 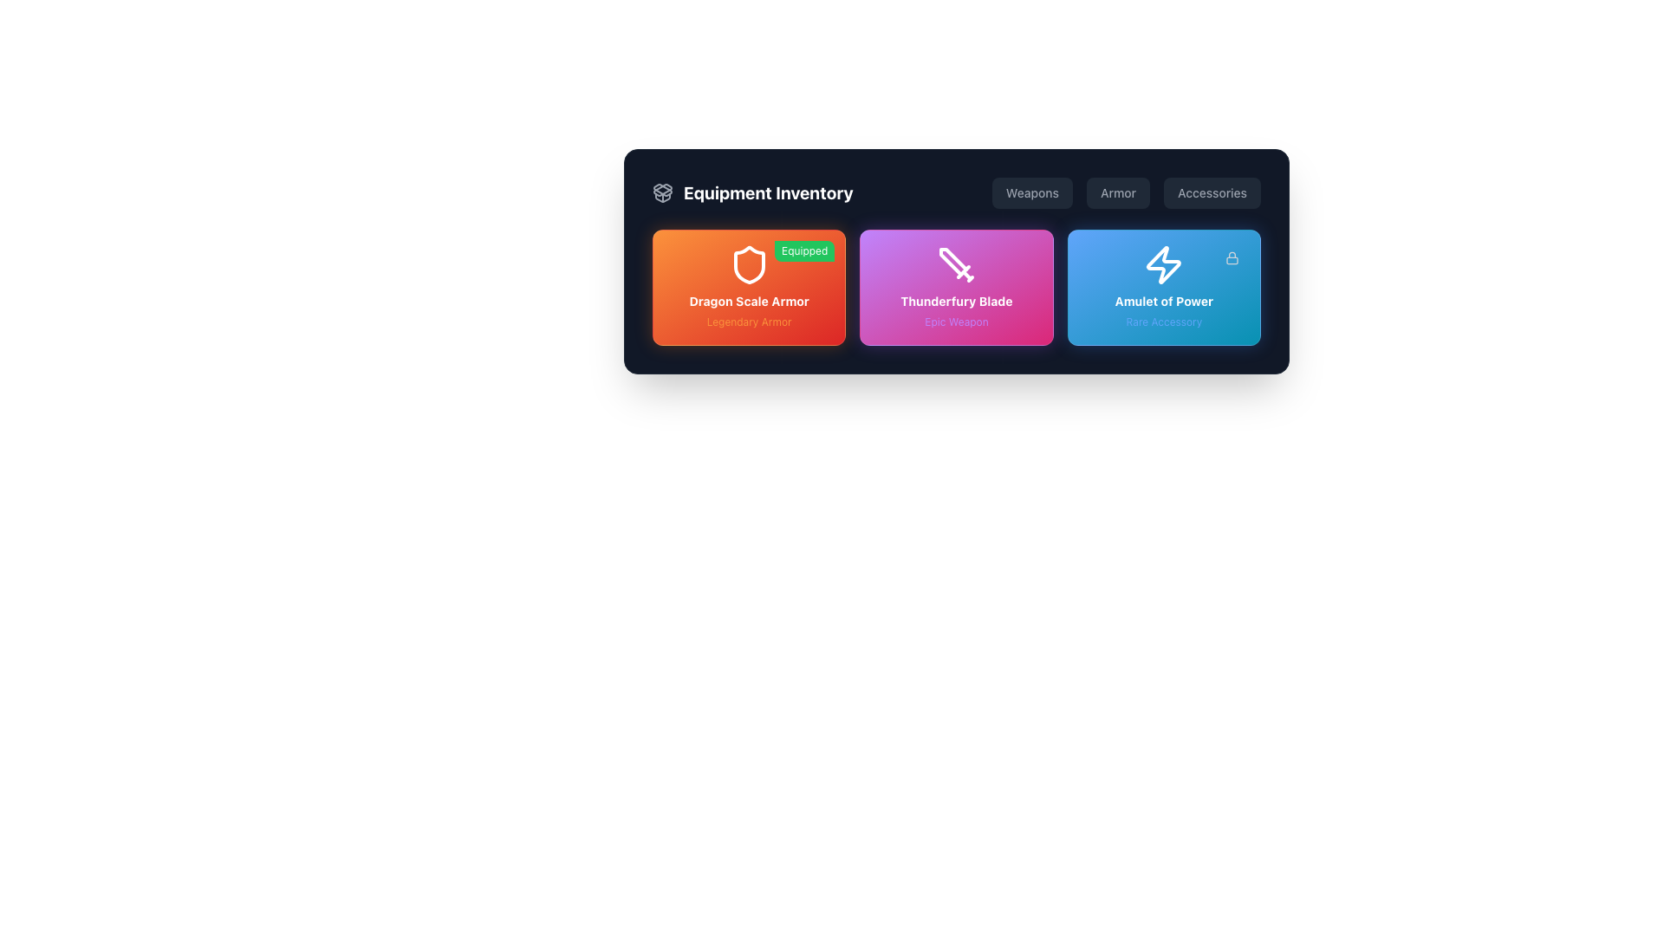 What do you see at coordinates (1164, 300) in the screenshot?
I see `the text label identifying the item as 'Amulet of Power' within the Equipment Inventory interface` at bounding box center [1164, 300].